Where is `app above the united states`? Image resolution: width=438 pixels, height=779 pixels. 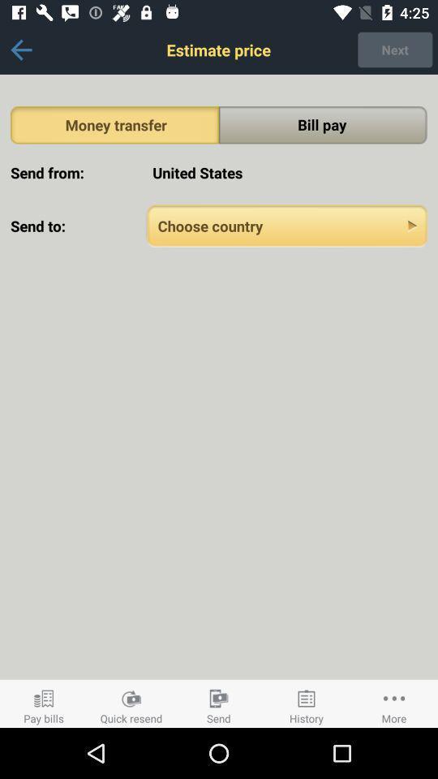
app above the united states is located at coordinates (323, 124).